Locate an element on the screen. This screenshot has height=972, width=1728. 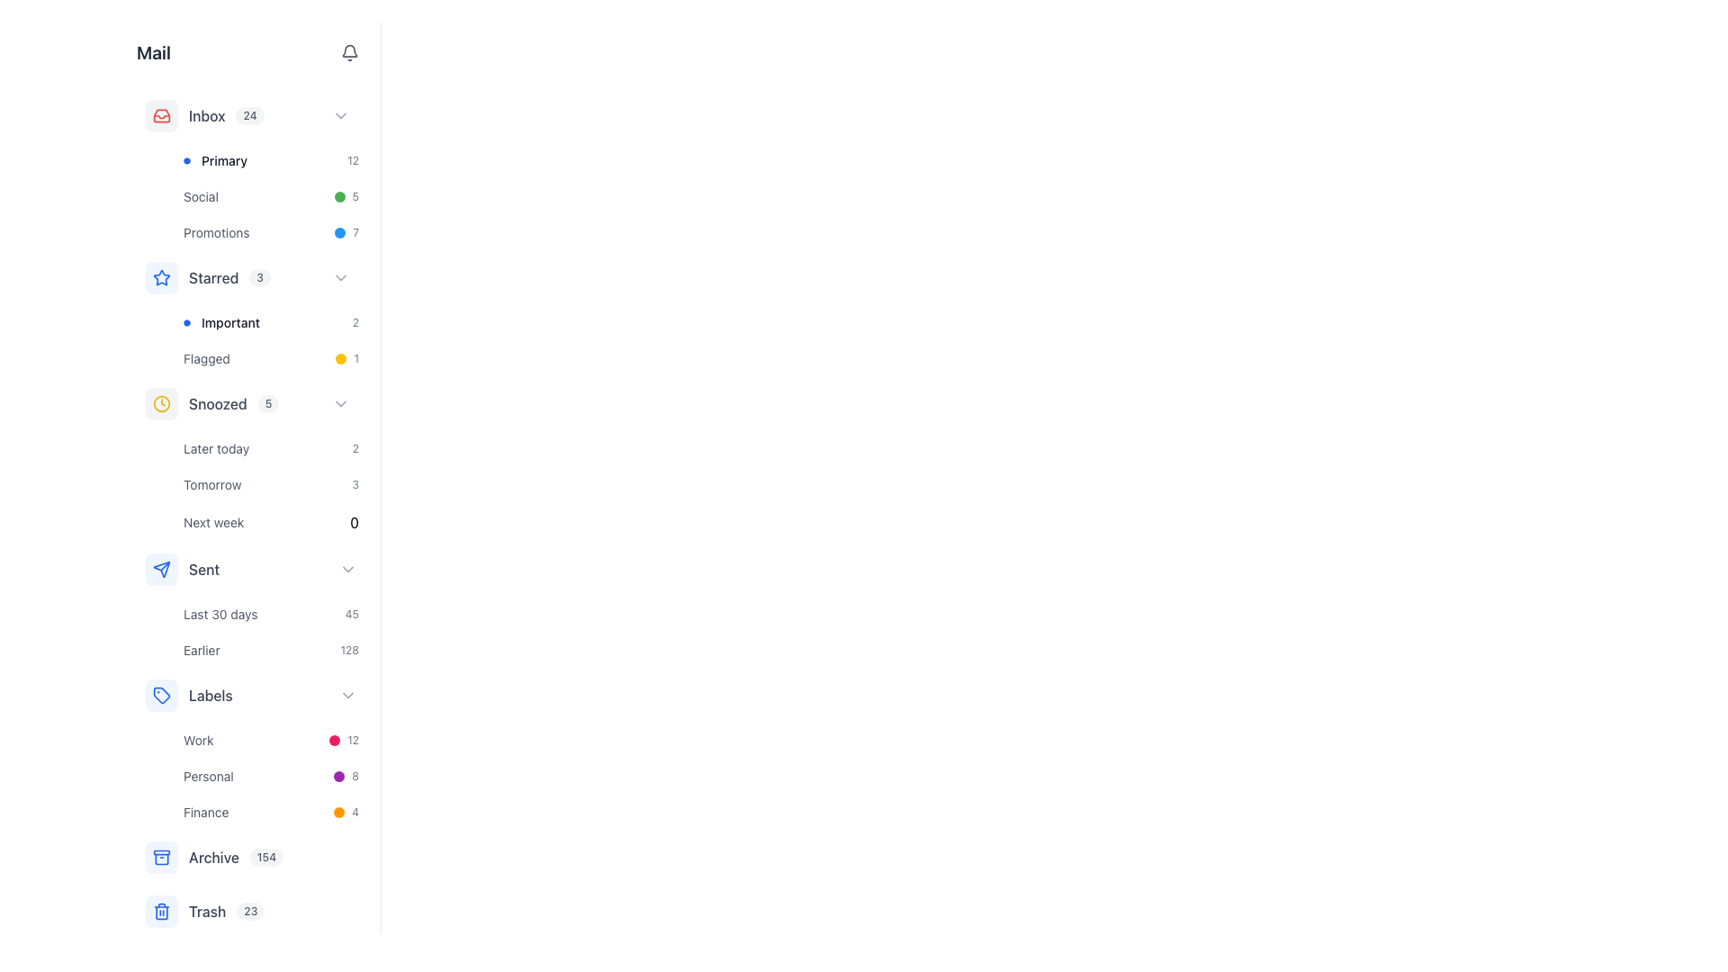
the first clickable list item labeled 'Work' in the sidebar is located at coordinates (270, 740).